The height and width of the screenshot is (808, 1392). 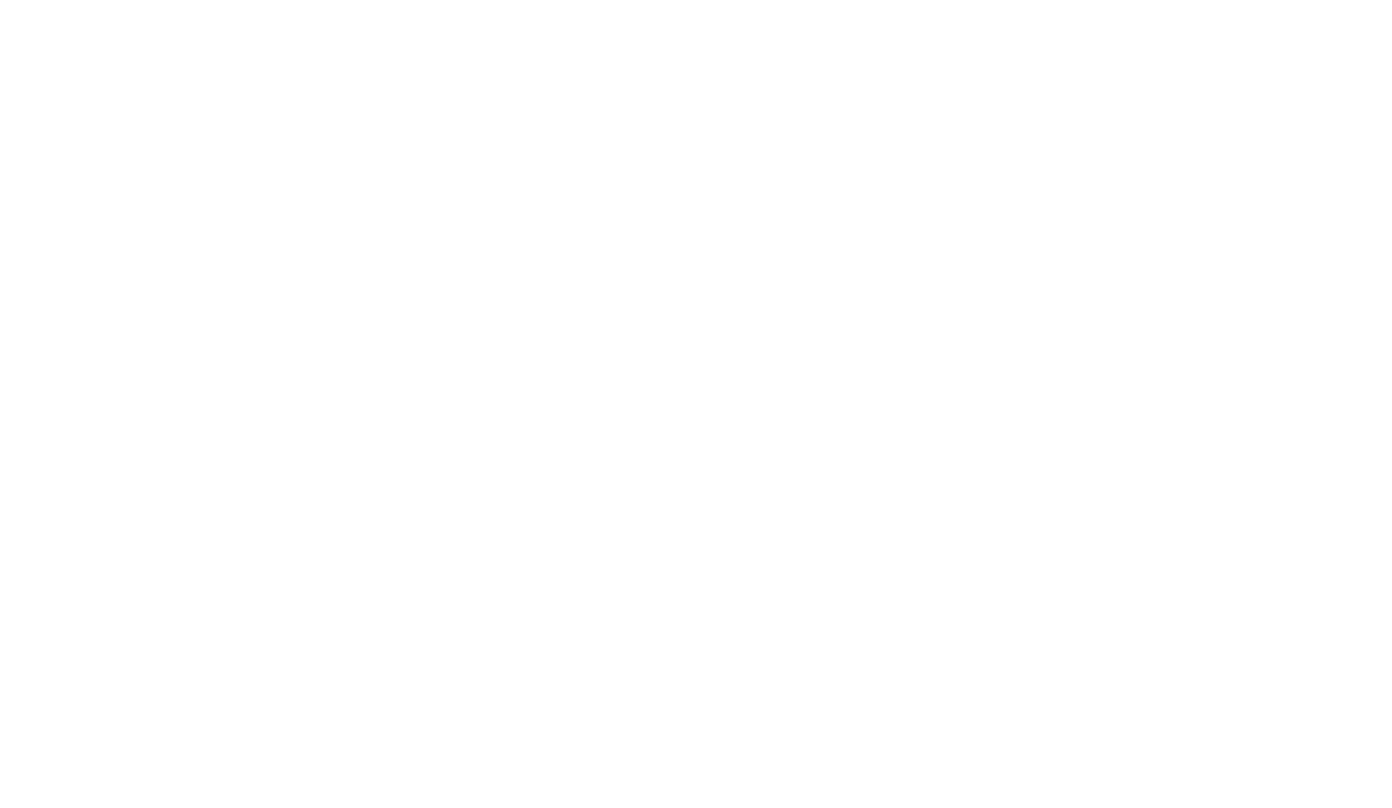 I want to click on 'Espagne', so click(x=333, y=484).